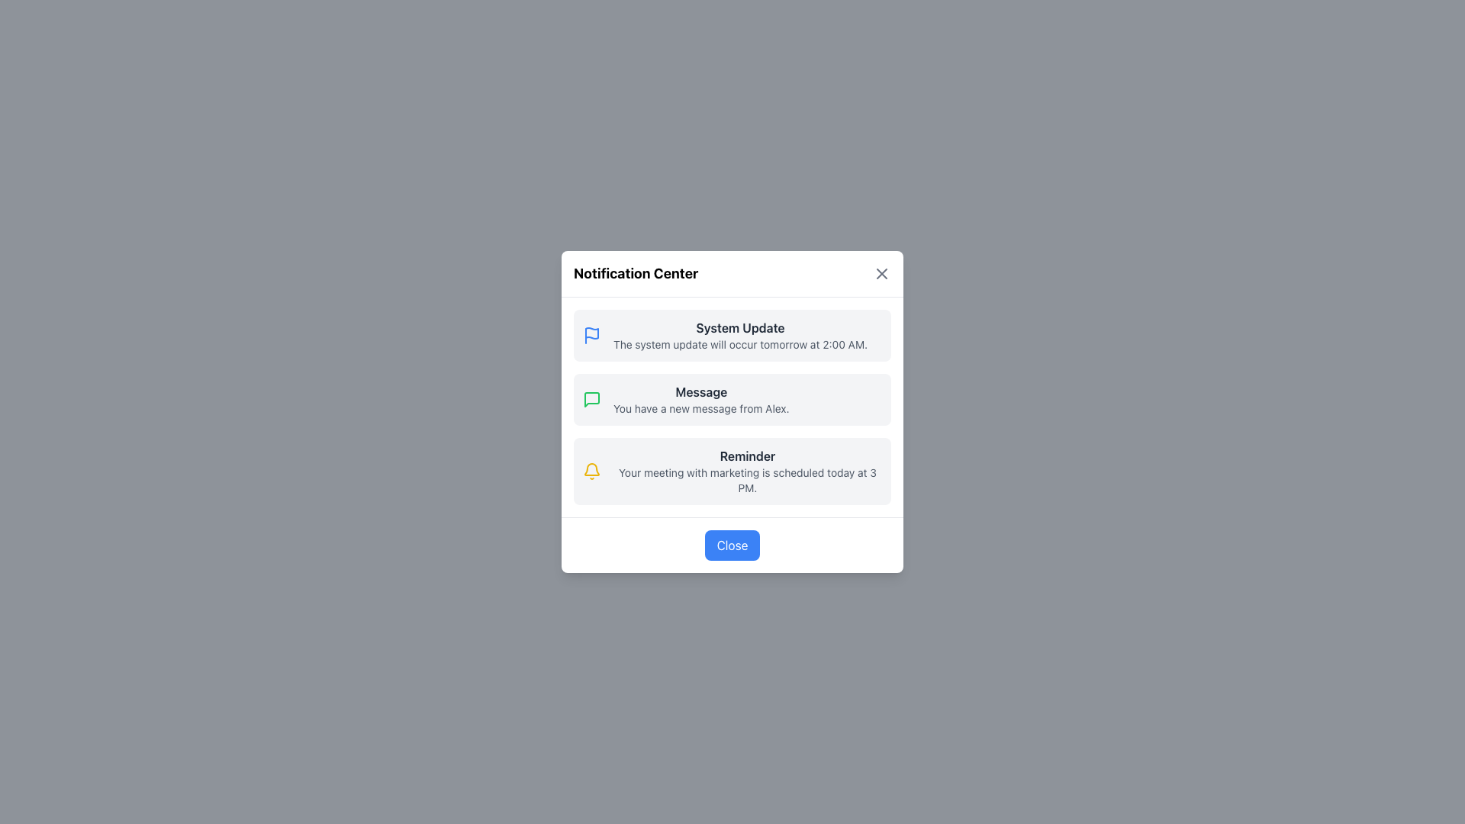  Describe the element at coordinates (700, 408) in the screenshot. I see `the text label that informs the user about a new message from Alex, located beneath the 'Message' heading in the notification card` at that location.